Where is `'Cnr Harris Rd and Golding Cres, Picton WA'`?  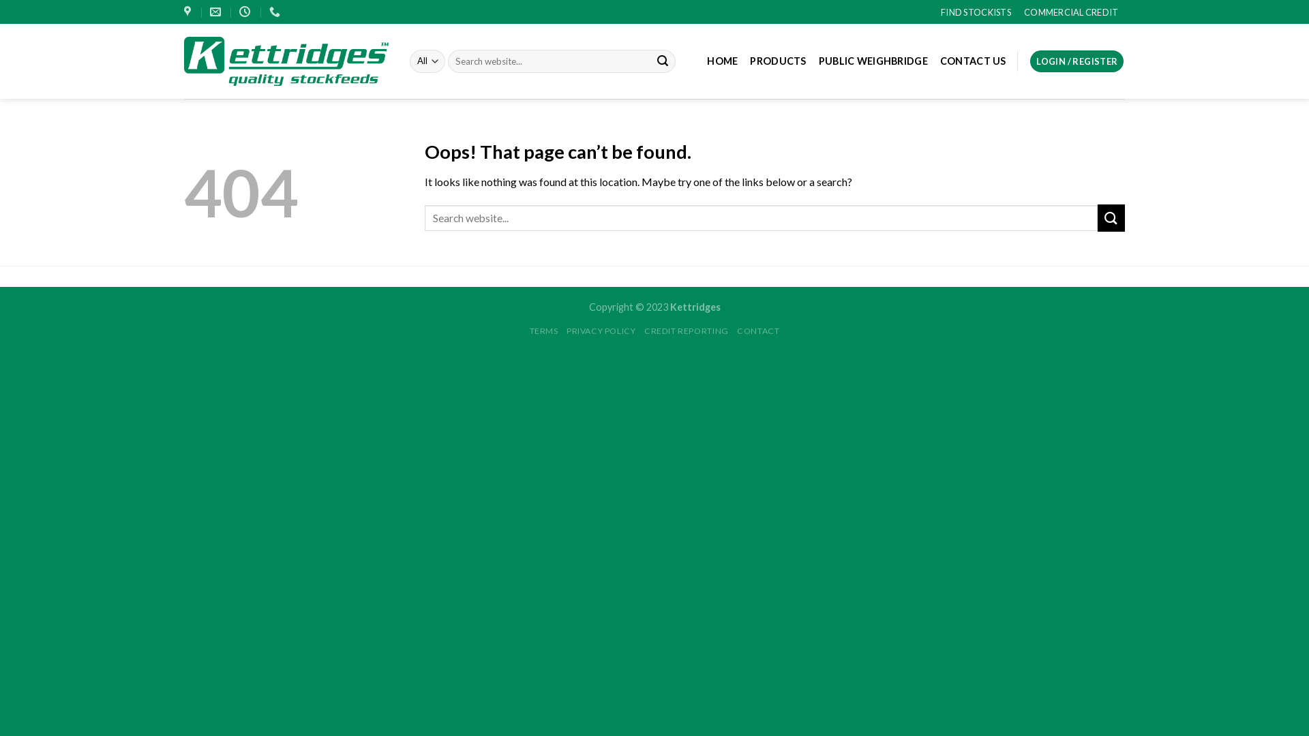 'Cnr Harris Rd and Golding Cres, Picton WA' is located at coordinates (188, 12).